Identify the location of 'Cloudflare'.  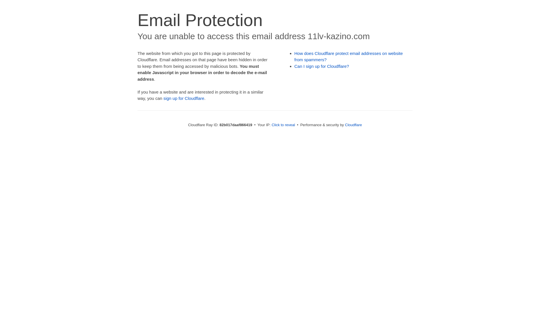
(353, 124).